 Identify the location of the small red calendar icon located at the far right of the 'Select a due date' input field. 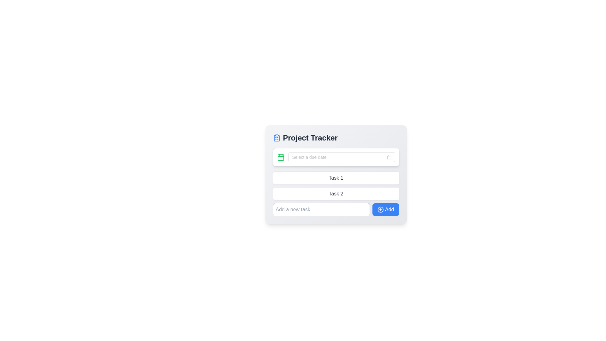
(389, 157).